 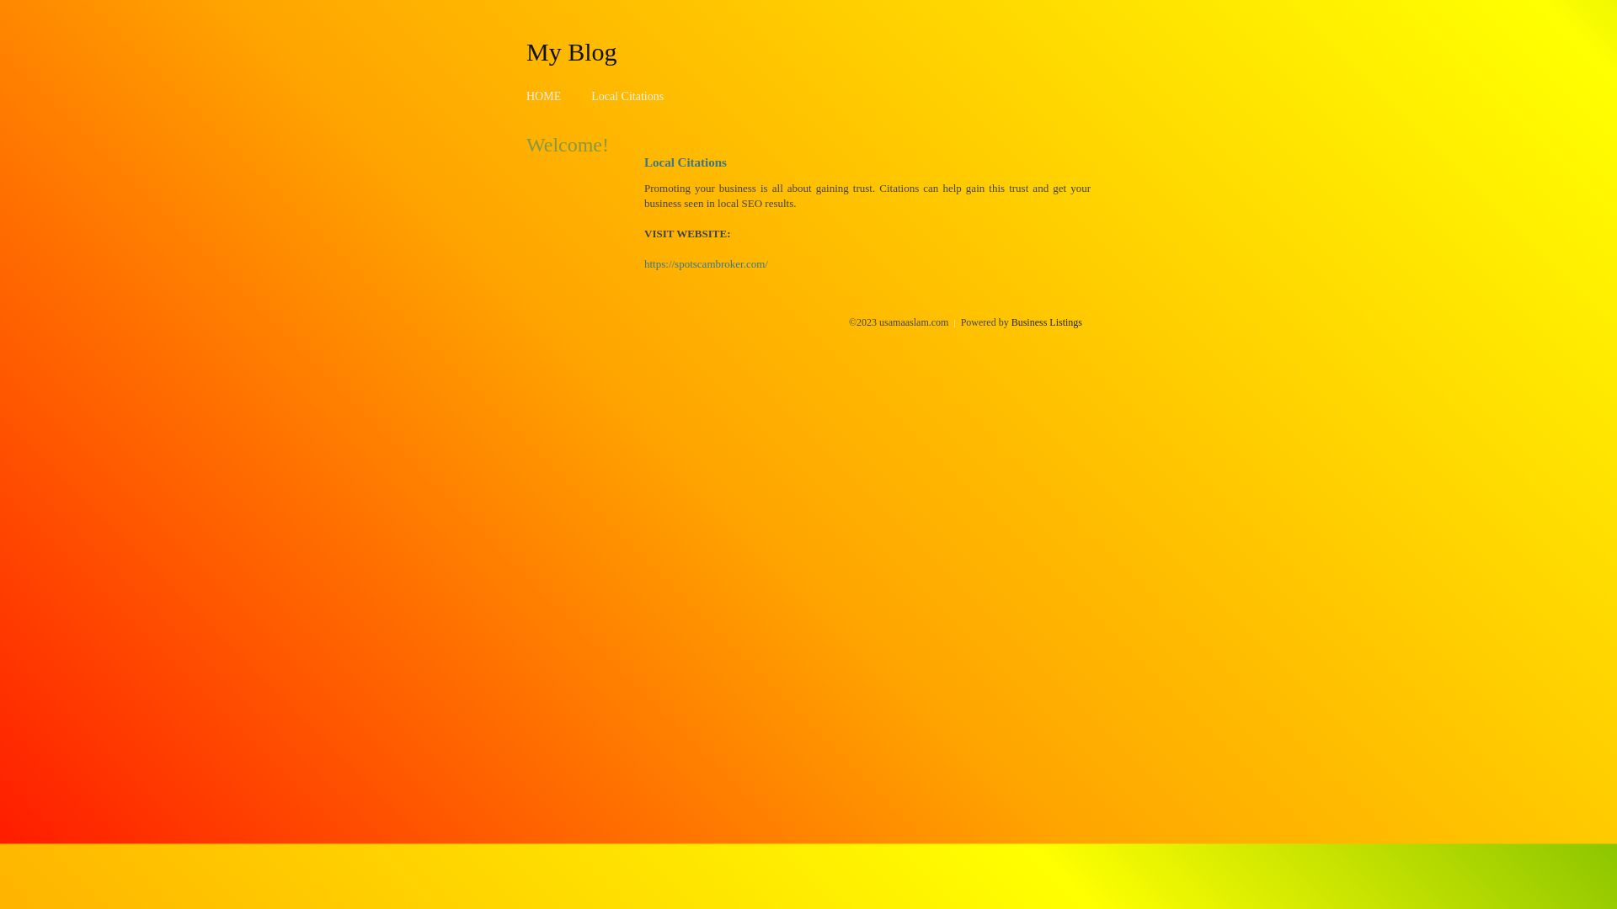 What do you see at coordinates (571, 50) in the screenshot?
I see `'My Blog'` at bounding box center [571, 50].